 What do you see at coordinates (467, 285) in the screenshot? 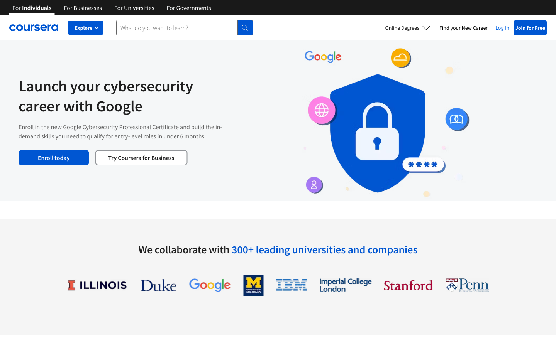
I see `University of Pennsylvania"s particulars` at bounding box center [467, 285].